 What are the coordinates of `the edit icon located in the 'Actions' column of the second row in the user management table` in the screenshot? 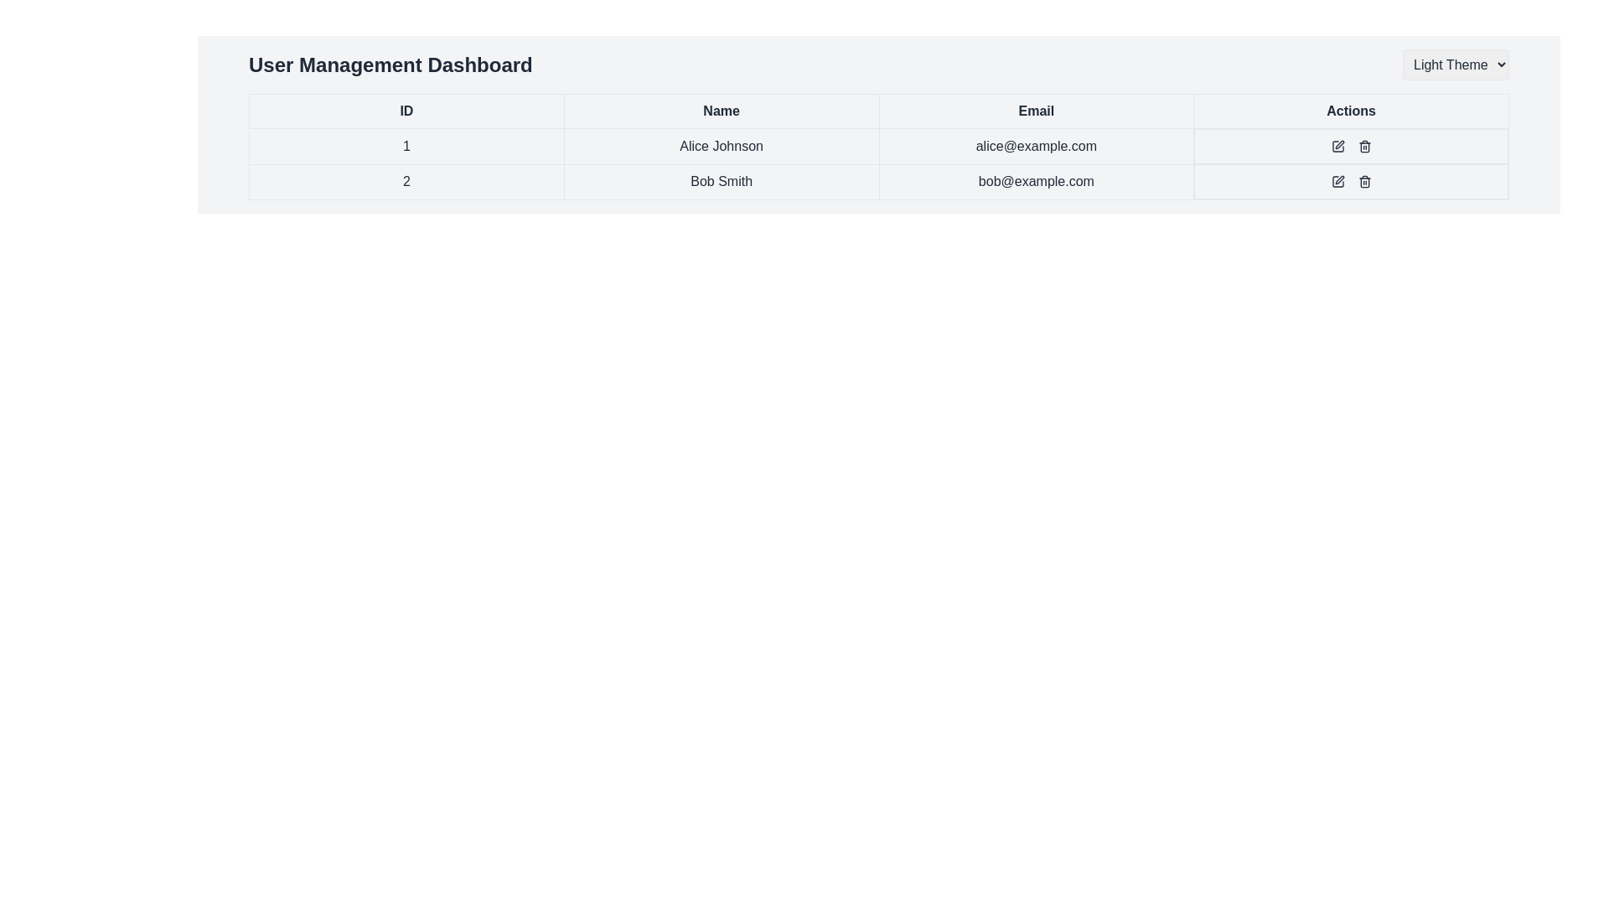 It's located at (1351, 181).